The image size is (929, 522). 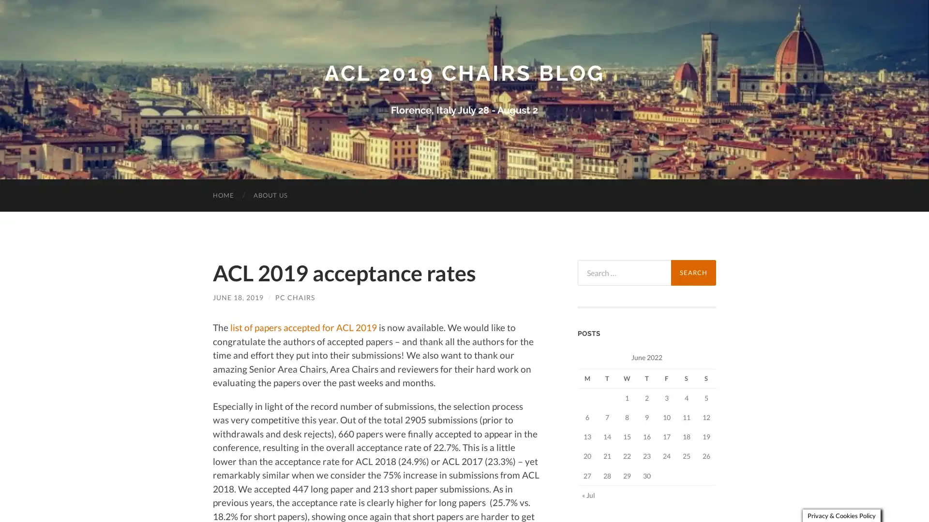 I want to click on Search, so click(x=693, y=272).